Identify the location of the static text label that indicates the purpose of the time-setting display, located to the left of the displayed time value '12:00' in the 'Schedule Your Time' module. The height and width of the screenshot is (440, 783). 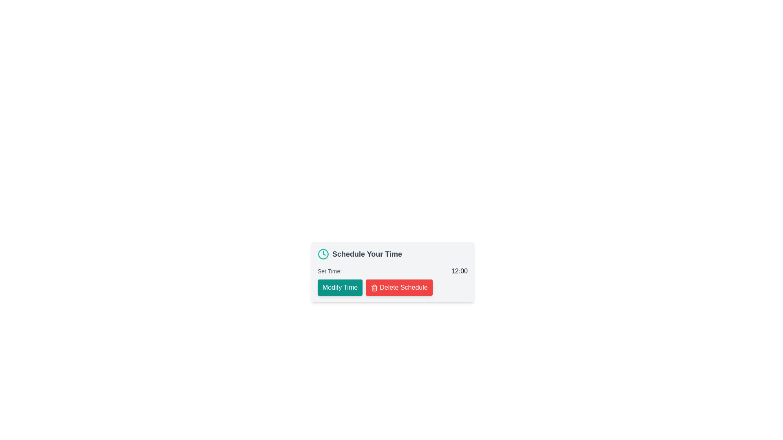
(330, 271).